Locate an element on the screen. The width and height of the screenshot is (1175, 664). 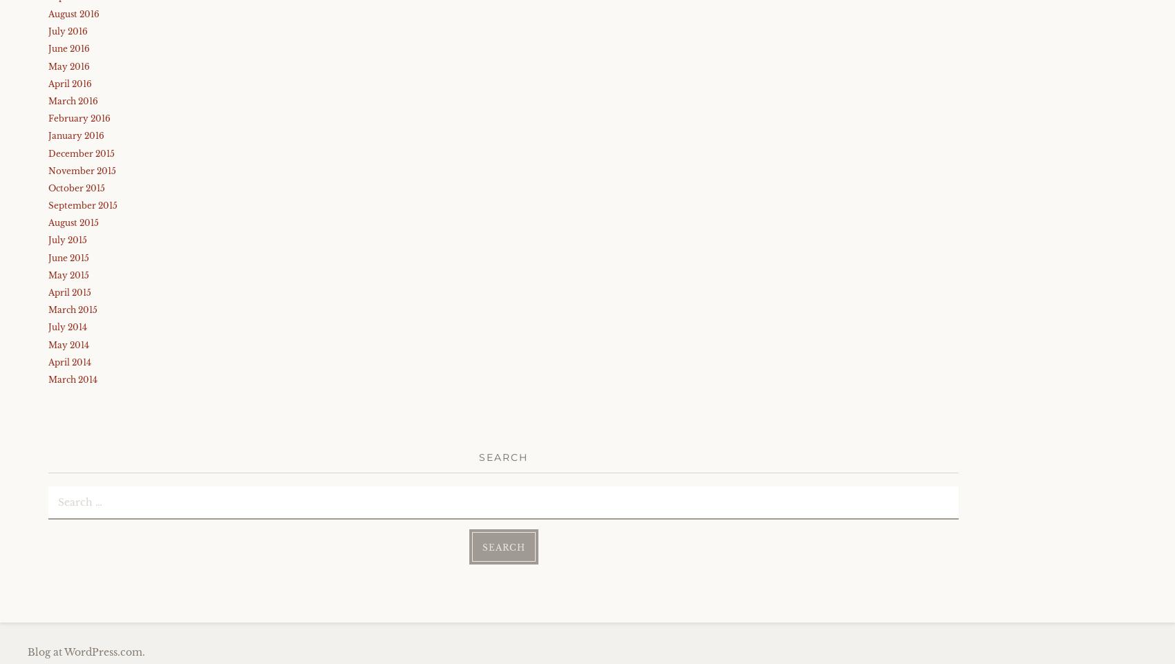
'June 2015' is located at coordinates (68, 256).